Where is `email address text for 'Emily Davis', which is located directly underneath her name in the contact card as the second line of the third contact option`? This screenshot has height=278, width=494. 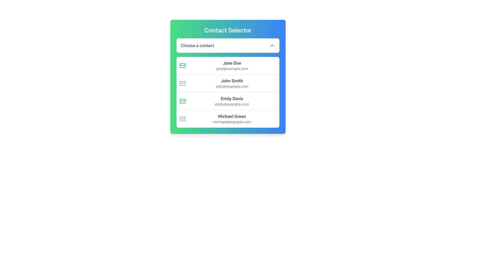 email address text for 'Emily Davis', which is located directly underneath her name in the contact card as the second line of the third contact option is located at coordinates (232, 104).